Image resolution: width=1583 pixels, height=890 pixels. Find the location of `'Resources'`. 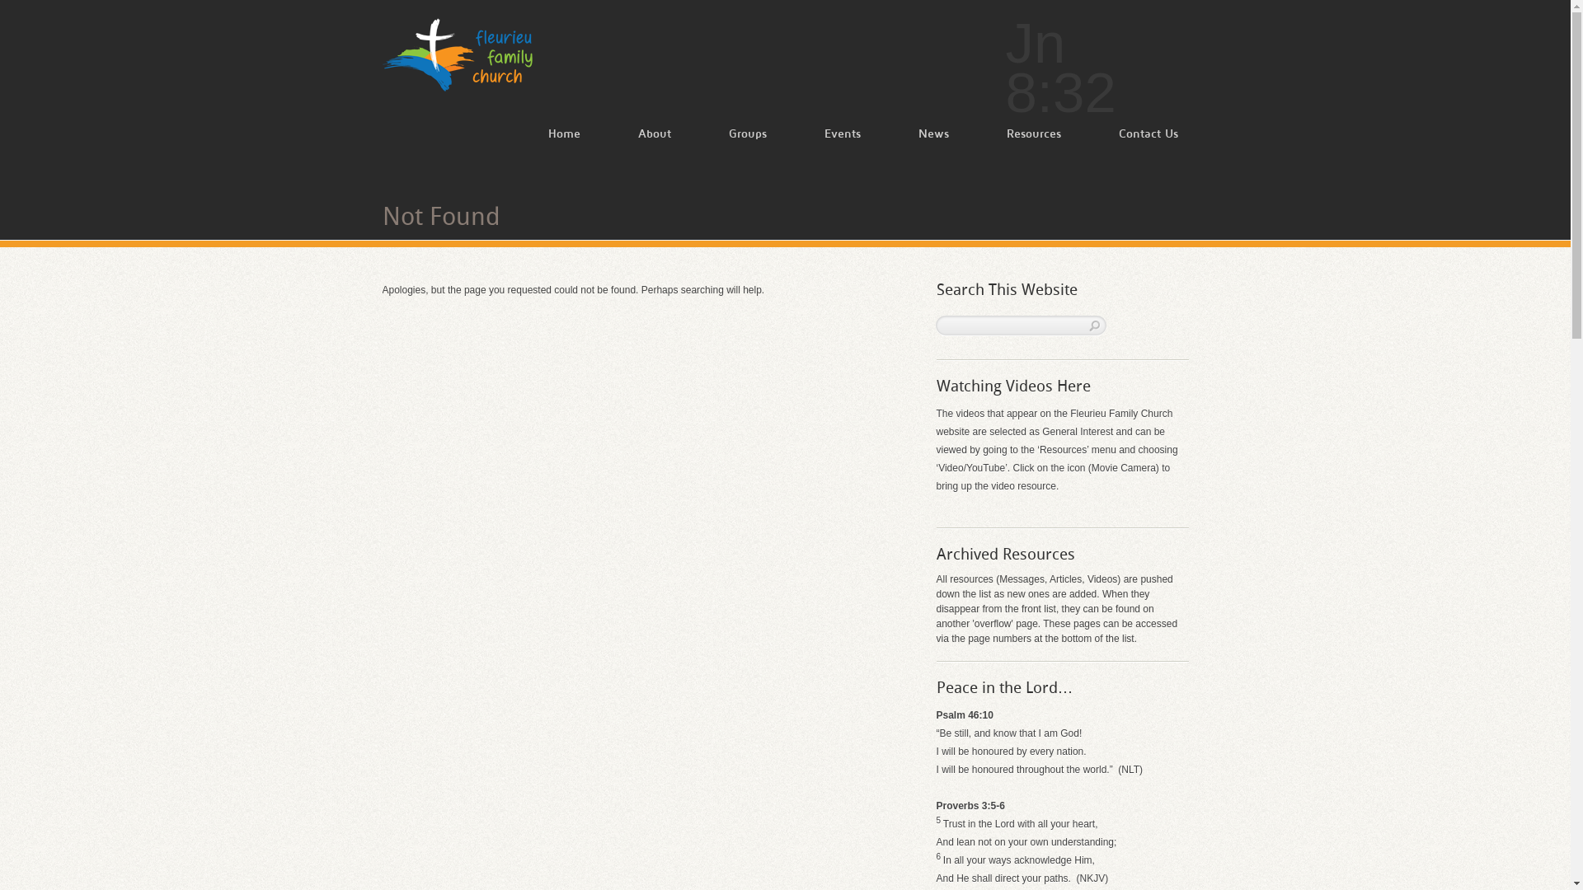

'Resources' is located at coordinates (1003, 135).